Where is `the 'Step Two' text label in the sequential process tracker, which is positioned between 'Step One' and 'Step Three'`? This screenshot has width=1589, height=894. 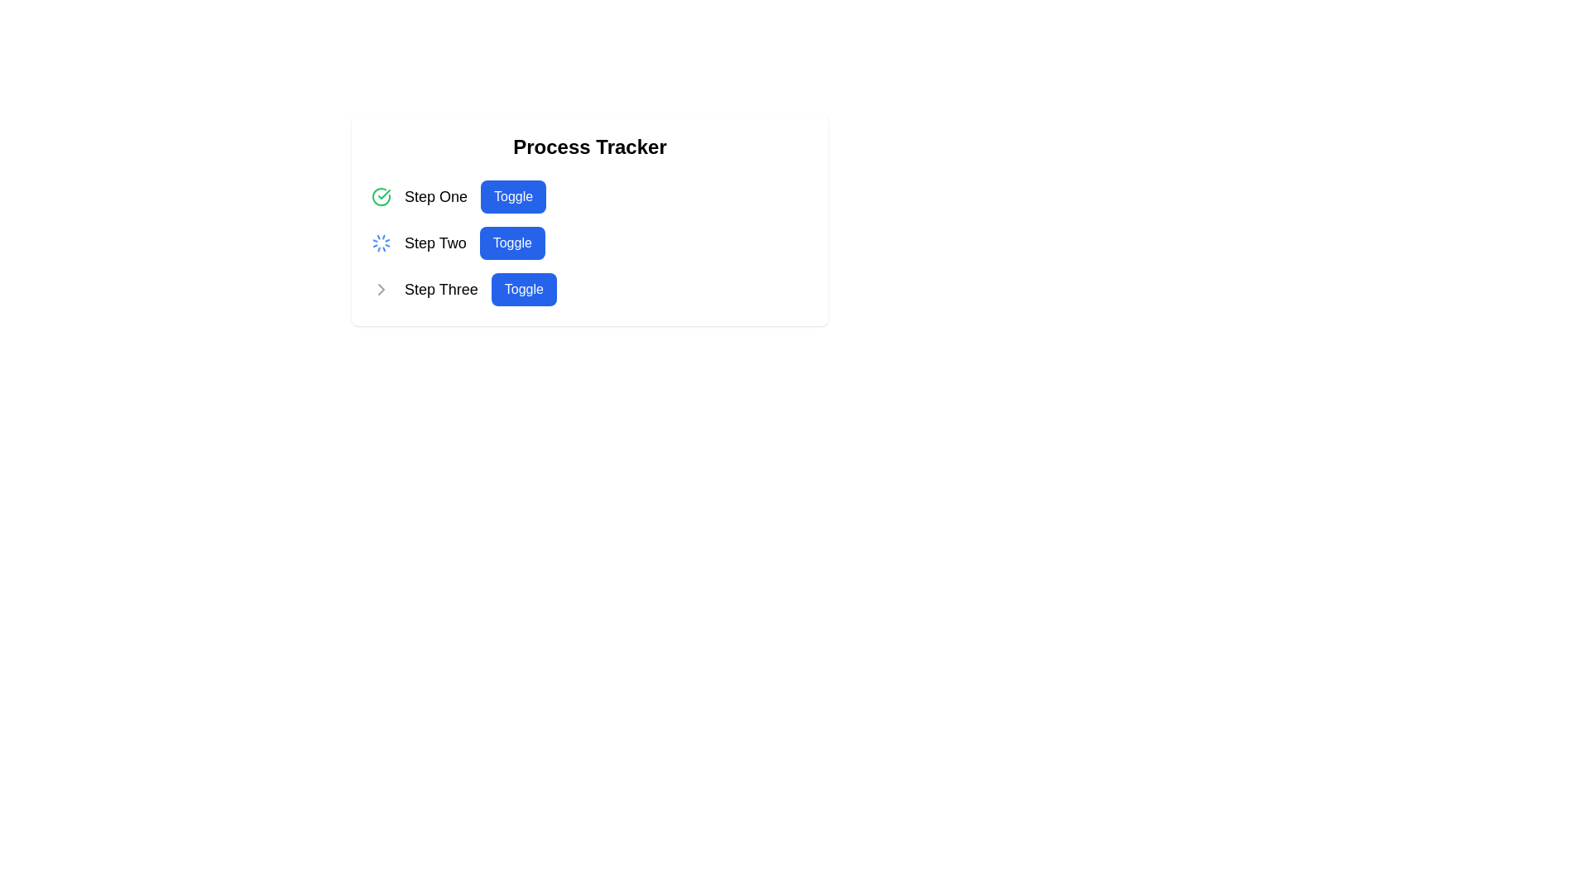
the 'Step Two' text label in the sequential process tracker, which is positioned between 'Step One' and 'Step Three' is located at coordinates (435, 243).